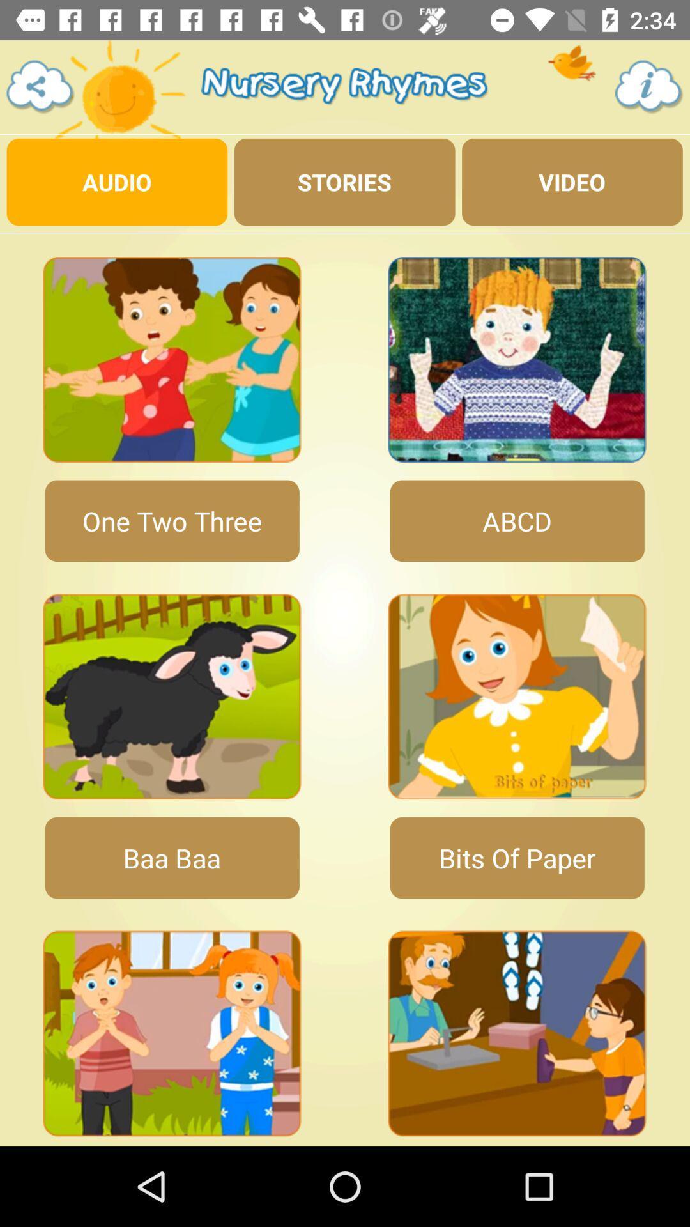  What do you see at coordinates (40, 86) in the screenshot?
I see `settings button` at bounding box center [40, 86].